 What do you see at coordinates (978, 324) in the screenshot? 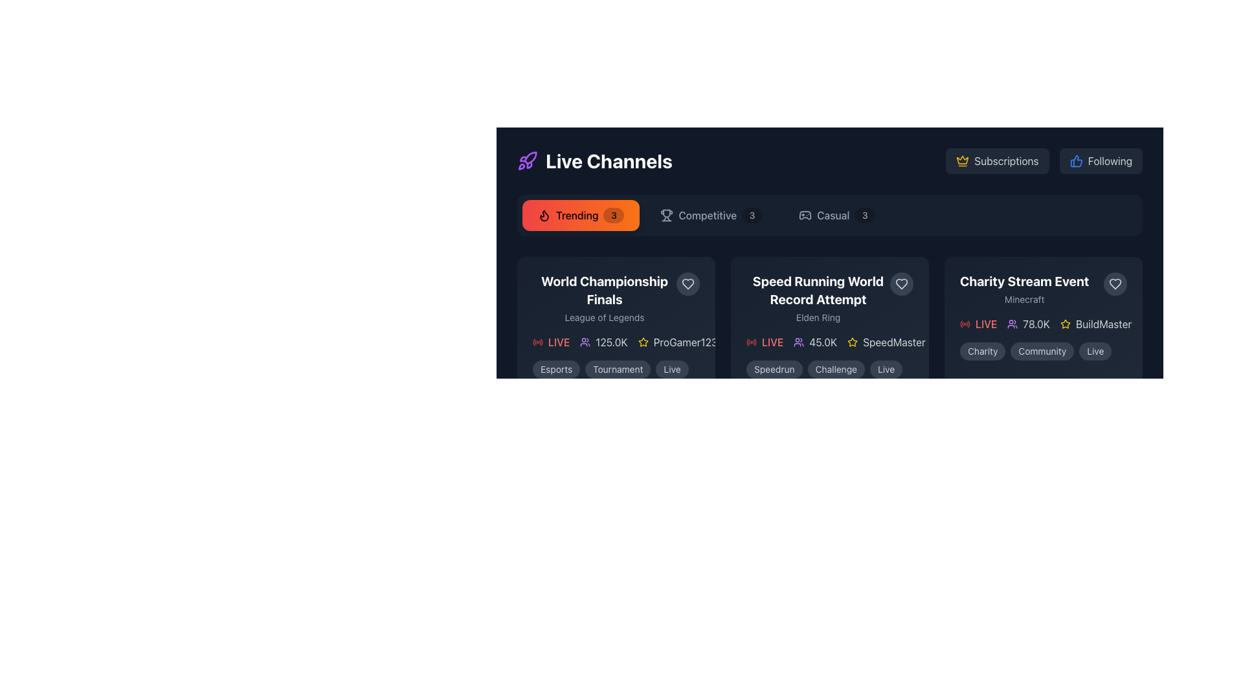
I see `the red 'LIVE' label with a broadcasting signal icon located at the top-left side of the 'Charity Stream Event' card's details section` at bounding box center [978, 324].